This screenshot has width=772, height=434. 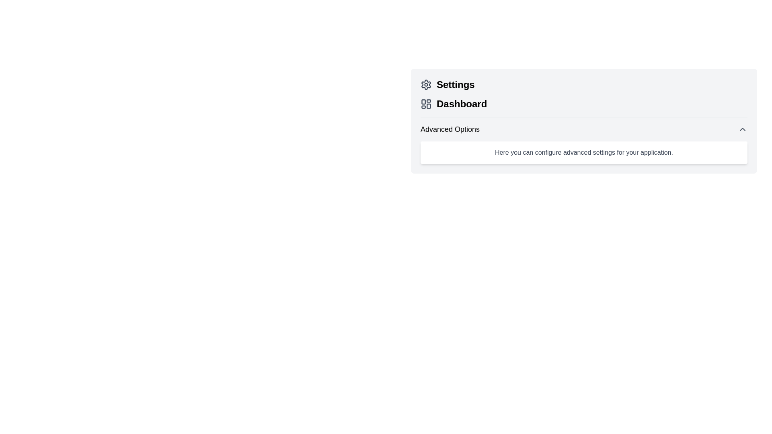 I want to click on the settings icon located at the top-left corner of the settings menu, which visually represents access to settings options, so click(x=426, y=85).